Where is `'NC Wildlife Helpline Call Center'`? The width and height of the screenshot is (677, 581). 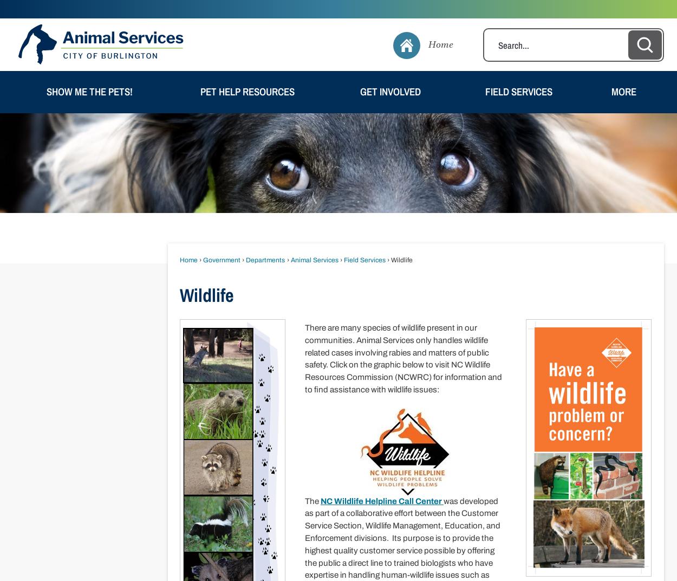
'NC Wildlife Helpline Call Center' is located at coordinates (381, 500).